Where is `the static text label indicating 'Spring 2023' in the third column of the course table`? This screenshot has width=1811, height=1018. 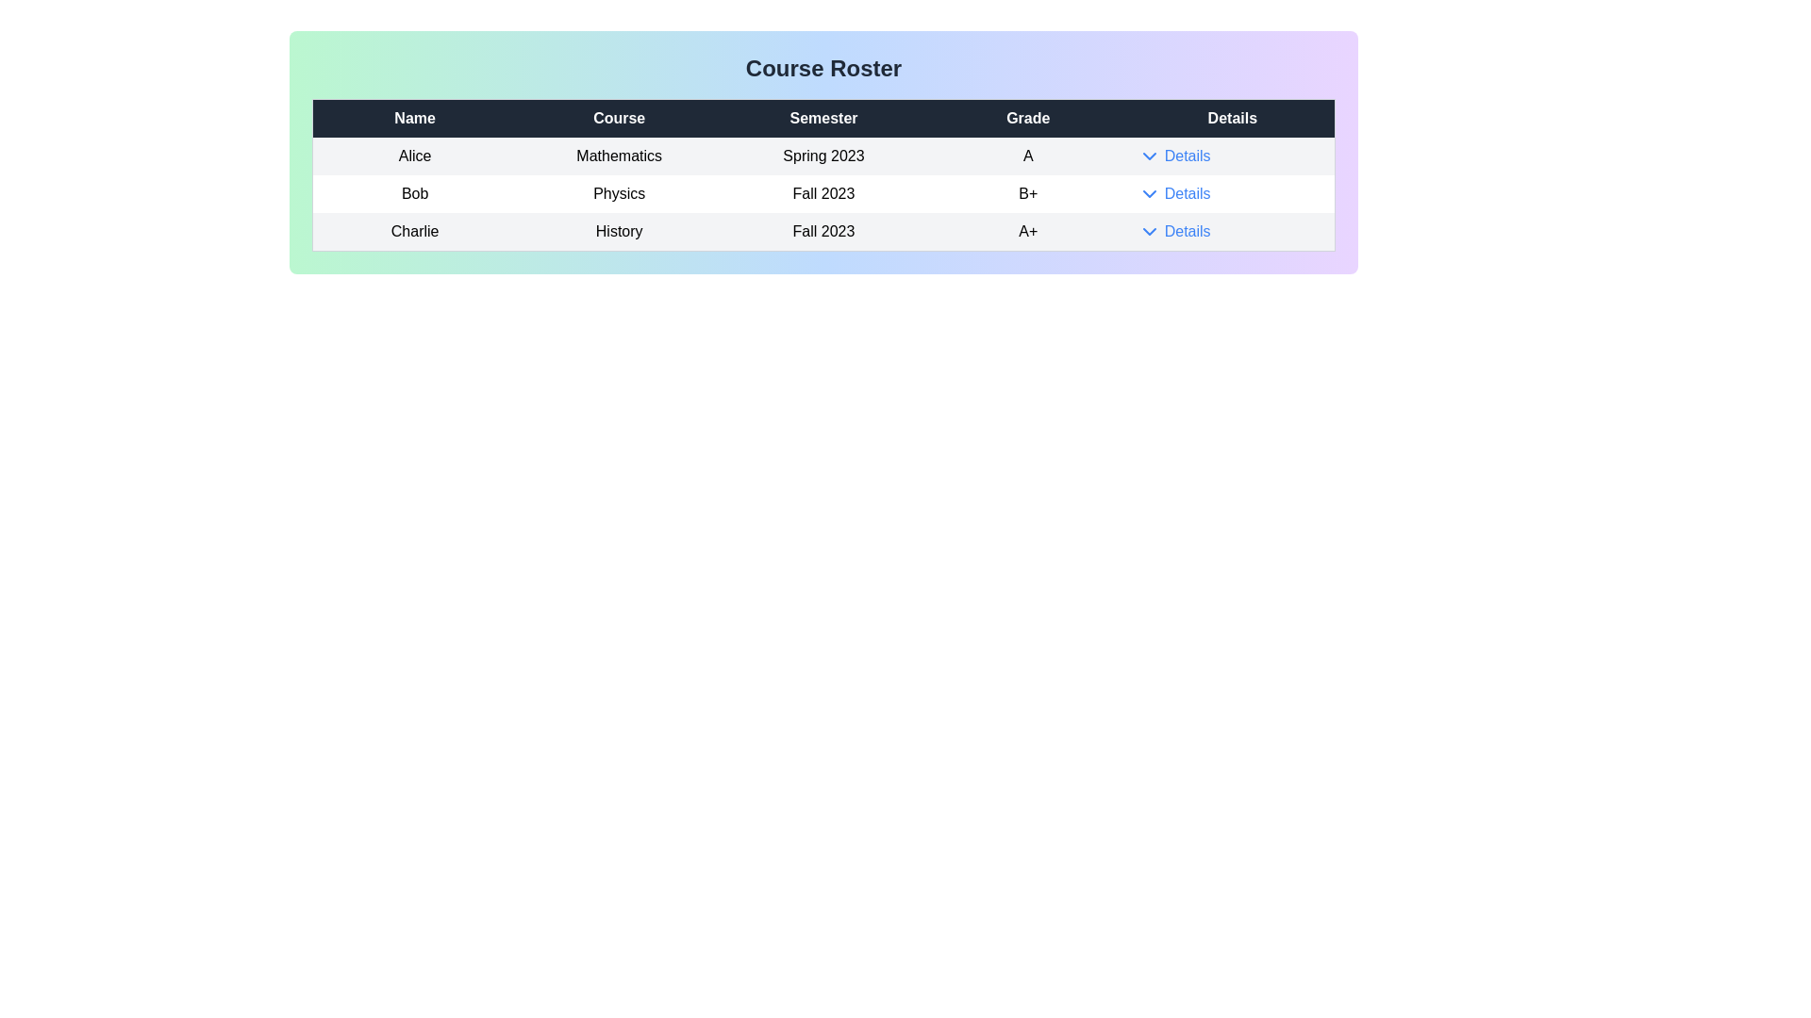
the static text label indicating 'Spring 2023' in the third column of the course table is located at coordinates (823, 155).